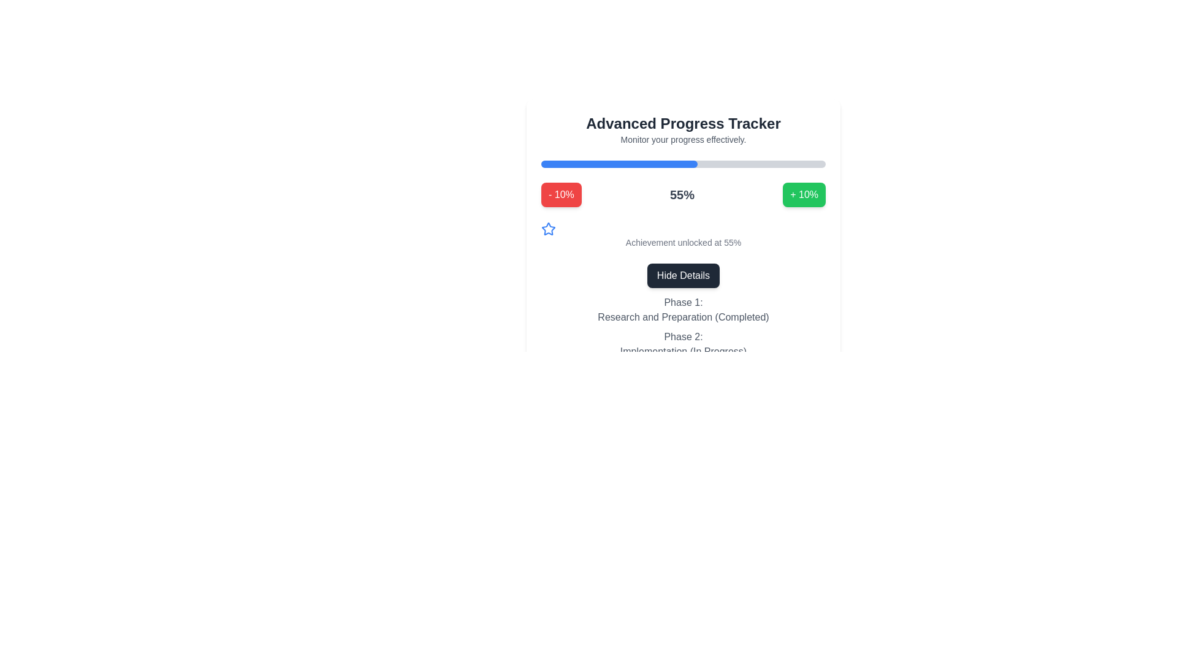  I want to click on the heading element located at the top center of the interface, which serves as the title of the page or section, so click(682, 123).